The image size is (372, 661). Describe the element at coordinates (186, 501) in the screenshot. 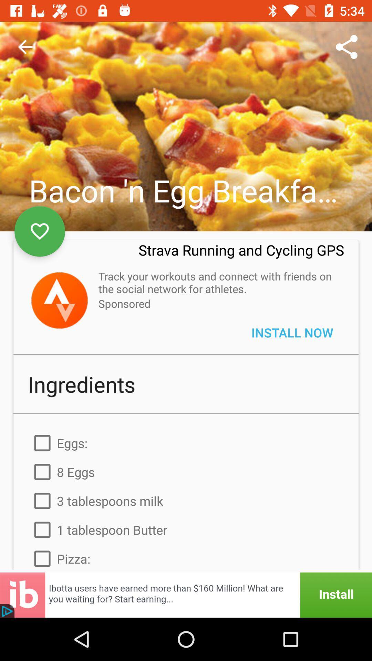

I see `the item above the 1 tablespoon butter icon` at that location.